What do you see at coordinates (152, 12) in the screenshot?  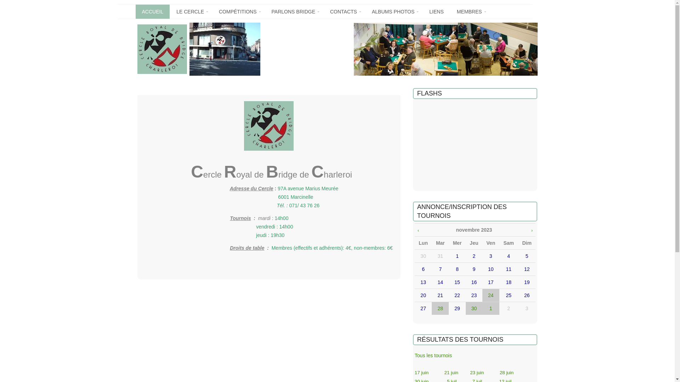 I see `'ACCUEIL'` at bounding box center [152, 12].